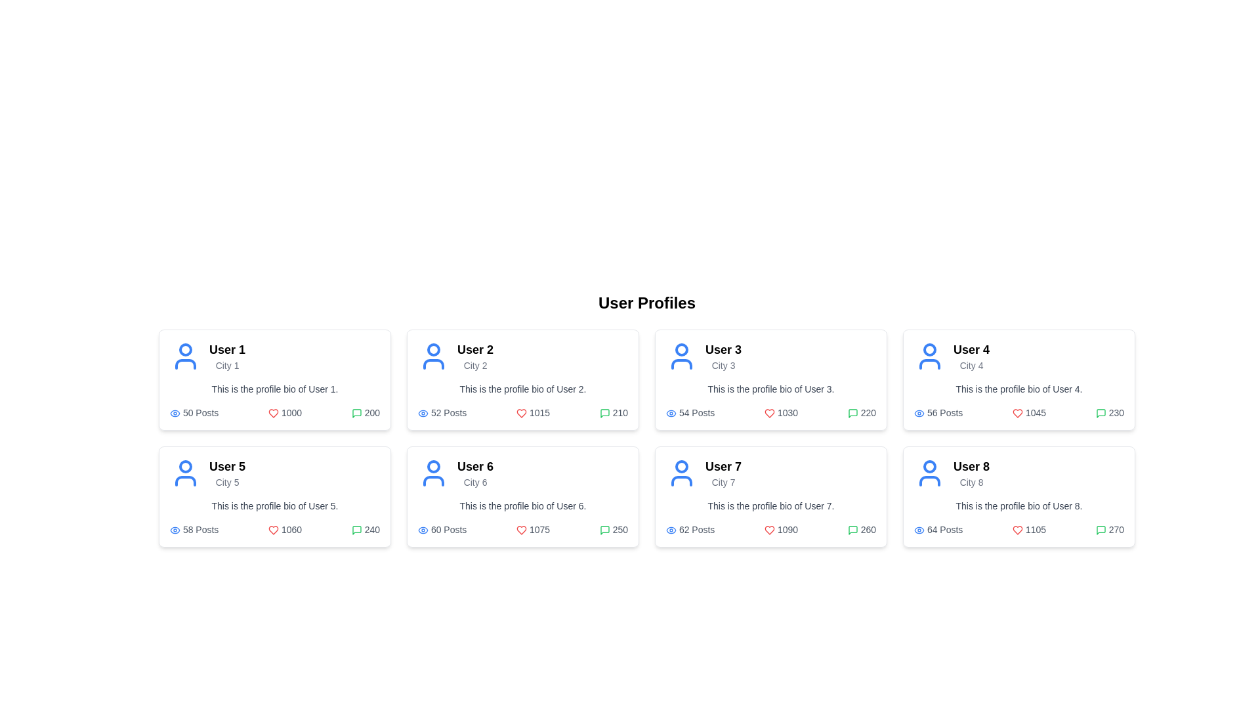  I want to click on the avatar icon representing 'User 5', which is styled in light blue and positioned at the top-left corner of the second row's first card in the user card grid, so click(185, 473).